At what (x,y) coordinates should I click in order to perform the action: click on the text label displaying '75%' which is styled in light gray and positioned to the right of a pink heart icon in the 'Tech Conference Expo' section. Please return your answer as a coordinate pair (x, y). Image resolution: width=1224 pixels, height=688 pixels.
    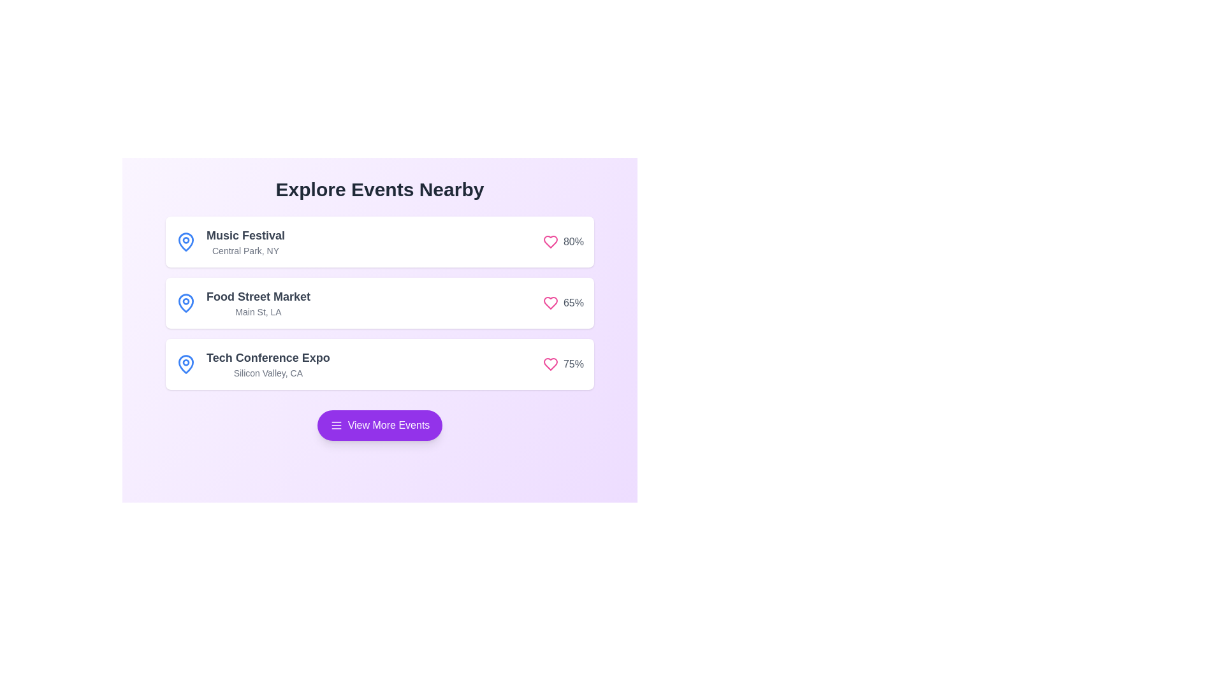
    Looking at the image, I should click on (572, 364).